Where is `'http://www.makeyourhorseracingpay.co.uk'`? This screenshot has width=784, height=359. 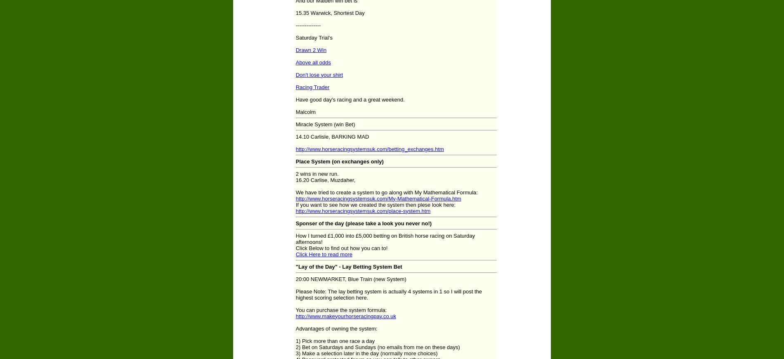 'http://www.makeyourhorseracingpay.co.uk' is located at coordinates (345, 316).